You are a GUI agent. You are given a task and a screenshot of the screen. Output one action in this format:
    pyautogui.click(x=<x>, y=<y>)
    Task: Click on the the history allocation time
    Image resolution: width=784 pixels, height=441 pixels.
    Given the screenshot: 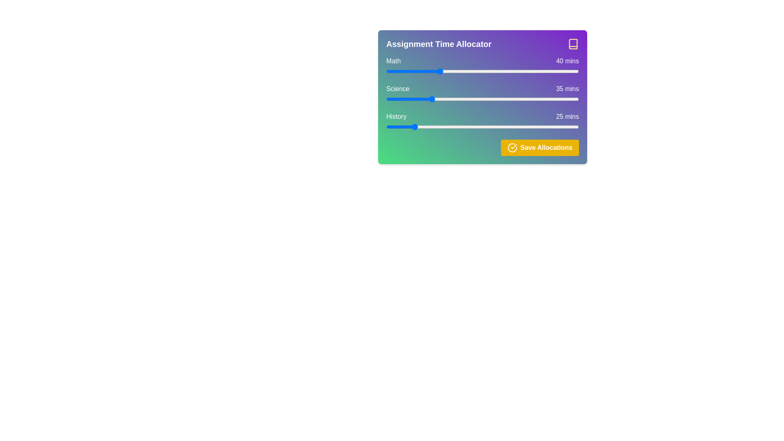 What is the action you would take?
    pyautogui.click(x=437, y=127)
    